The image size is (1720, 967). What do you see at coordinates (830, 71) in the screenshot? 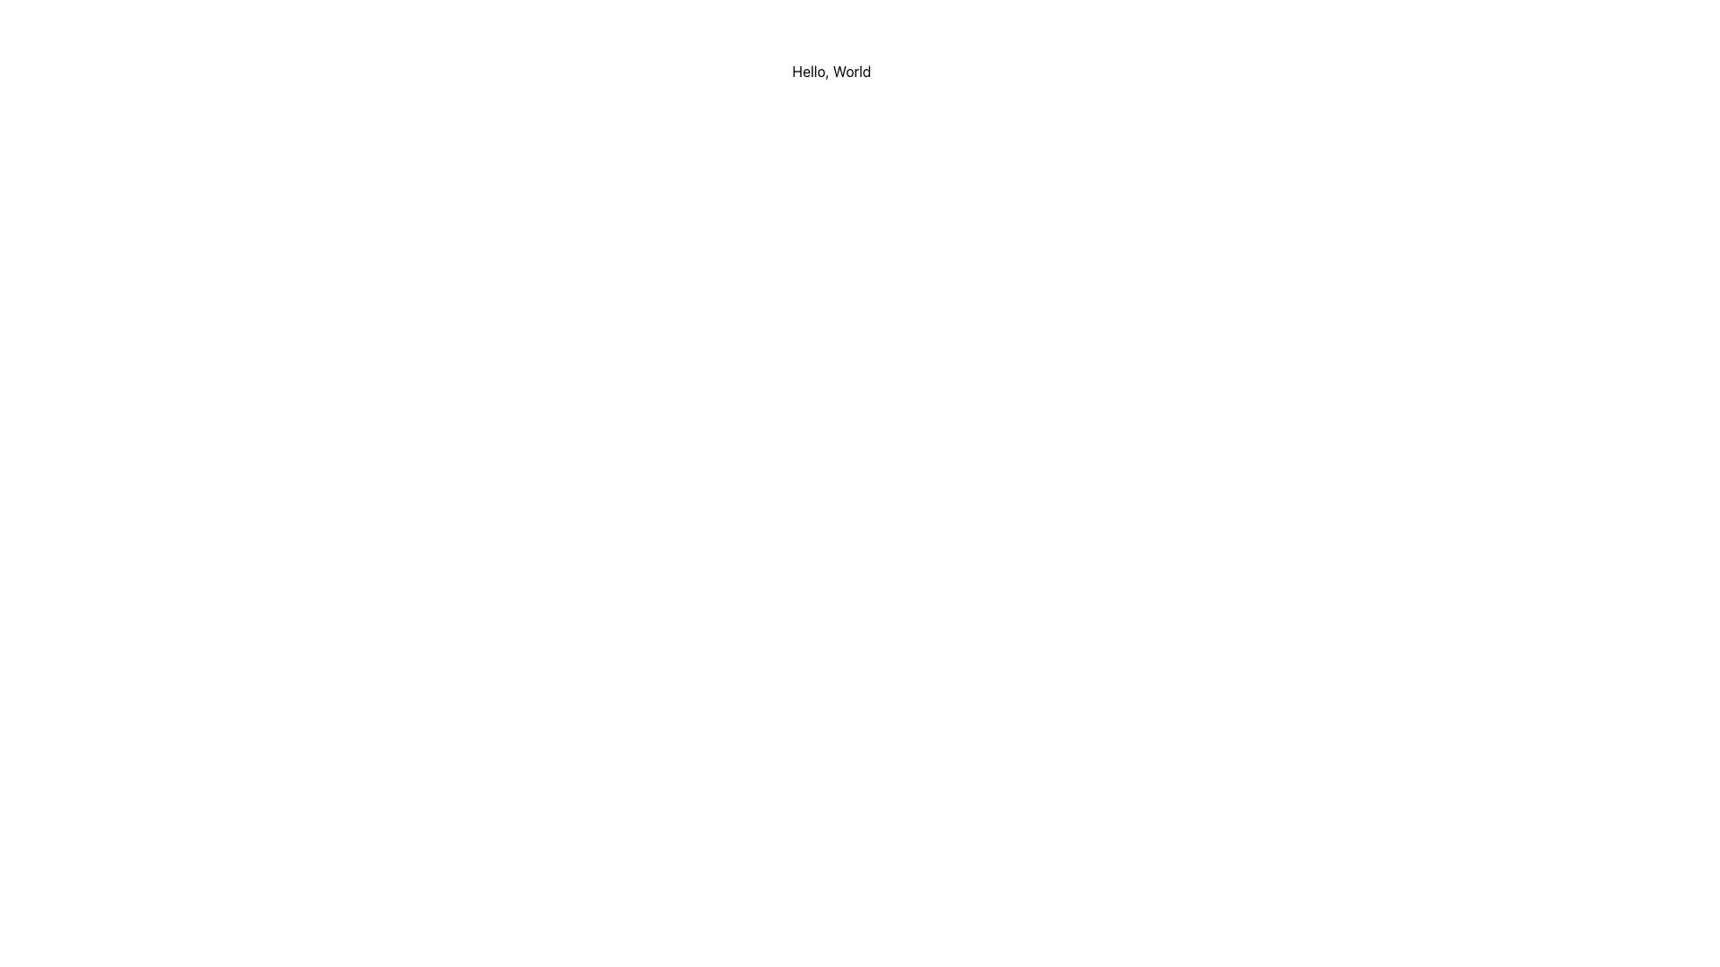
I see `the static text element displaying 'Hello, World', which is prominently located near the top of the layout` at bounding box center [830, 71].